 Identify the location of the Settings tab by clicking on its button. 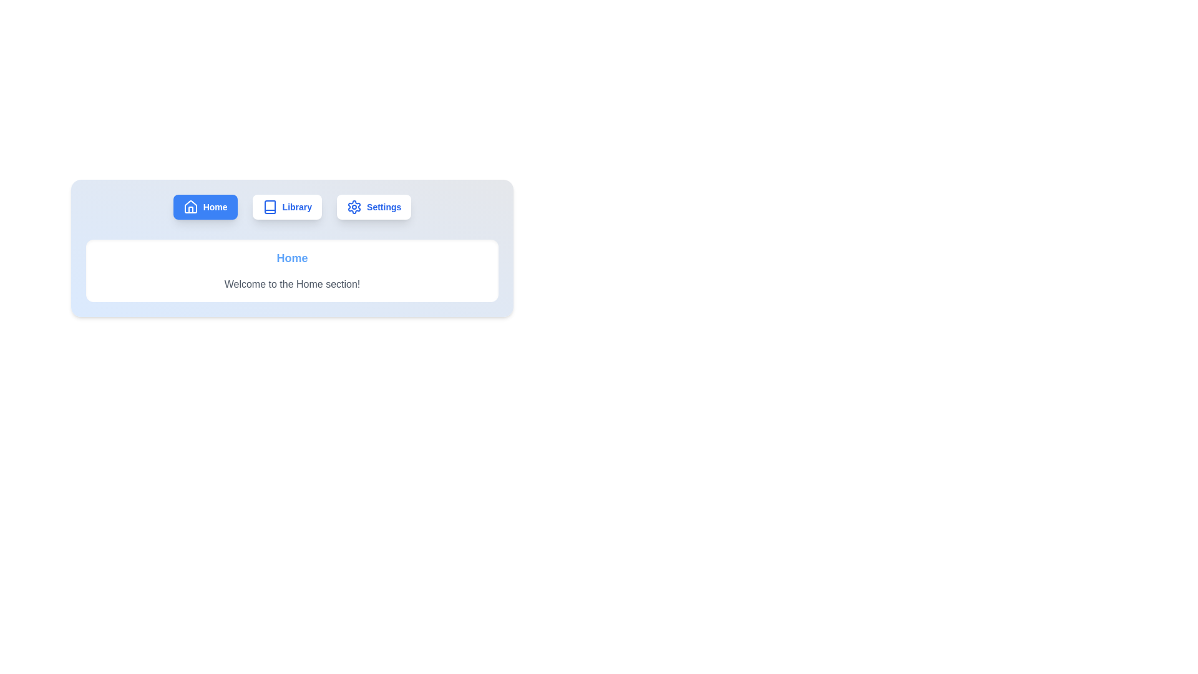
(374, 206).